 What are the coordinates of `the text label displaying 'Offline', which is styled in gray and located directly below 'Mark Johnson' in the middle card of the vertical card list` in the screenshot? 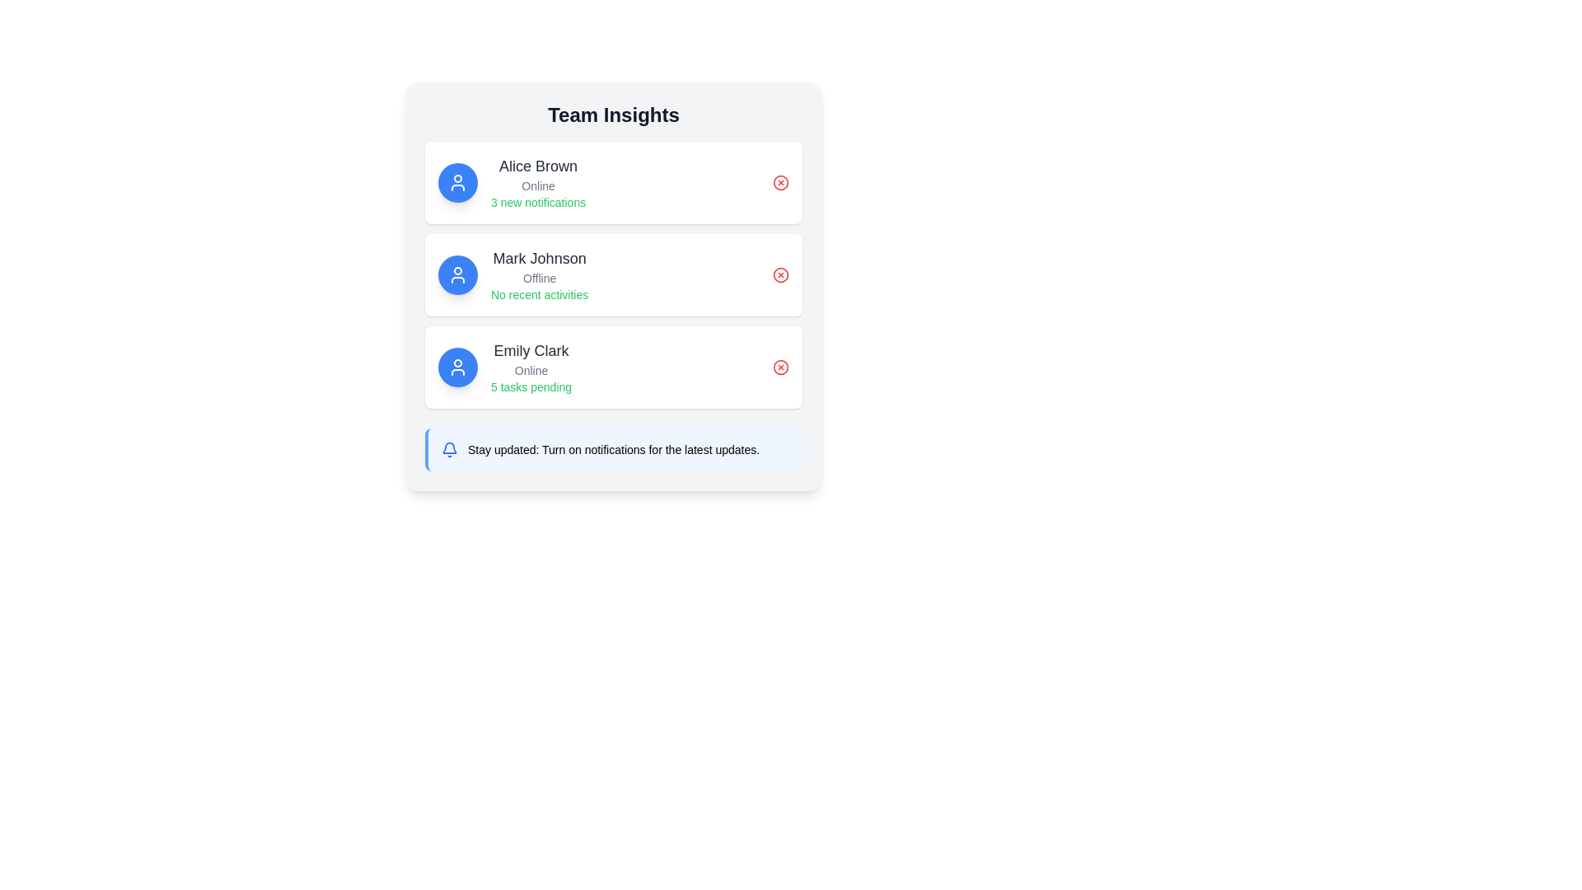 It's located at (540, 278).